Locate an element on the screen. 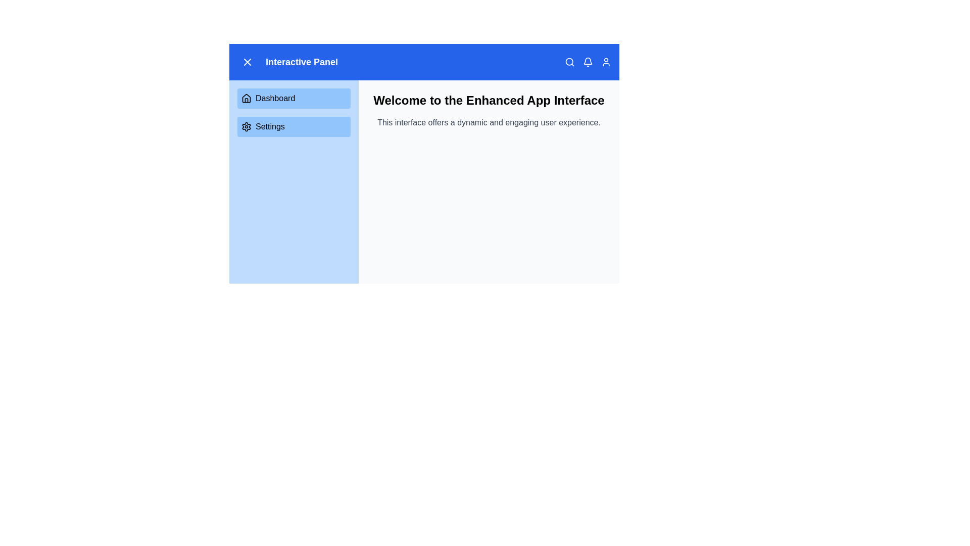 This screenshot has height=546, width=970. welcoming message displayed in the Header text located at the top center of the primary content area, above the descriptive text block is located at coordinates (489, 101).